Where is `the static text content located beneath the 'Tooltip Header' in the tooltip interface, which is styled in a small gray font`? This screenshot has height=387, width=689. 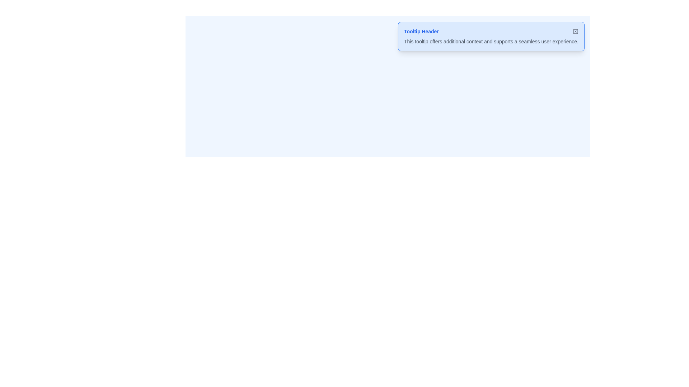 the static text content located beneath the 'Tooltip Header' in the tooltip interface, which is styled in a small gray font is located at coordinates (491, 41).